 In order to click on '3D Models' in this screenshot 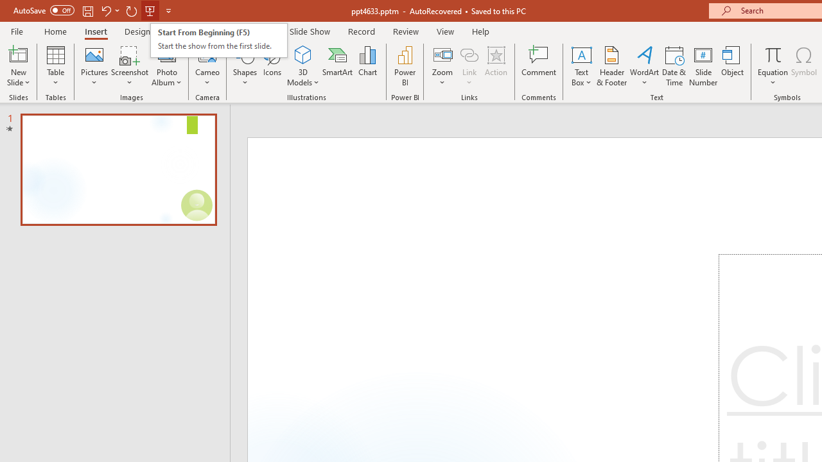, I will do `click(302, 54)`.